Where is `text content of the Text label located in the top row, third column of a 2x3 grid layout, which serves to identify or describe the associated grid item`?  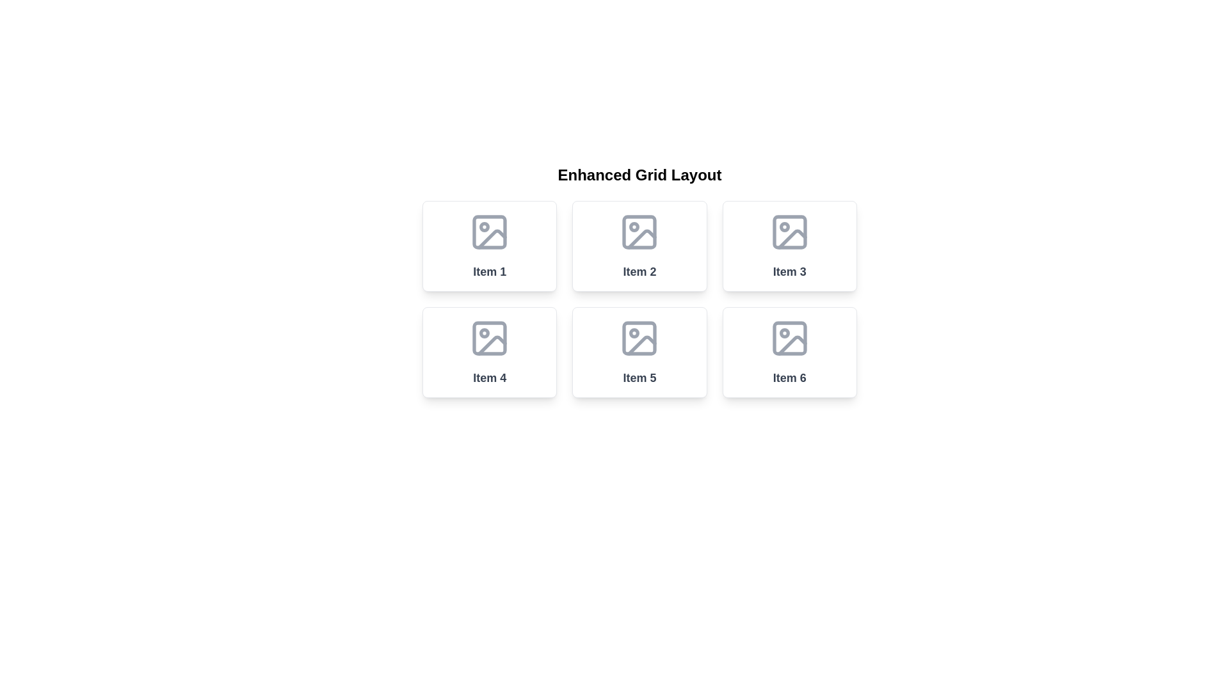
text content of the Text label located in the top row, third column of a 2x3 grid layout, which serves to identify or describe the associated grid item is located at coordinates (789, 271).